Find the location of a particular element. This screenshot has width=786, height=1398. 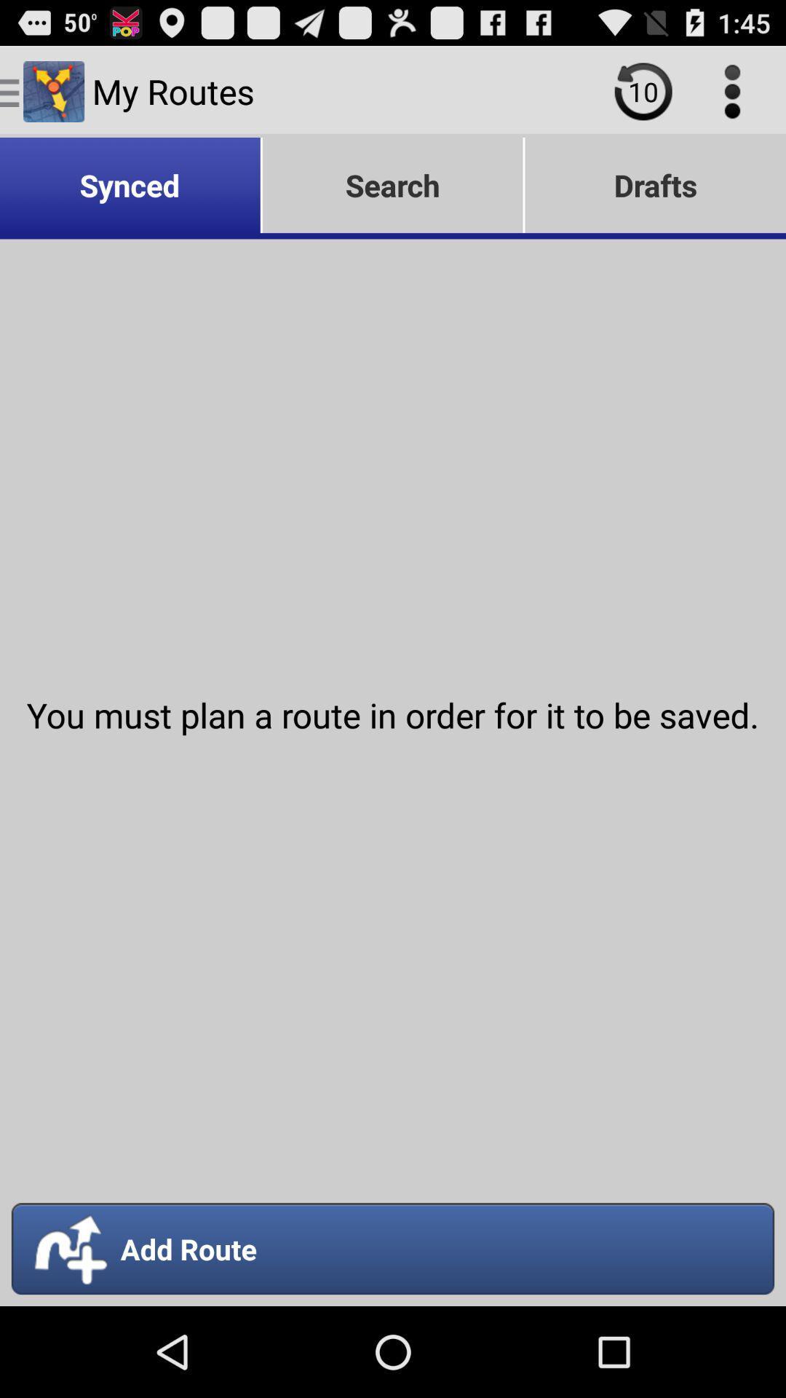

icon above drafts icon is located at coordinates (643, 90).